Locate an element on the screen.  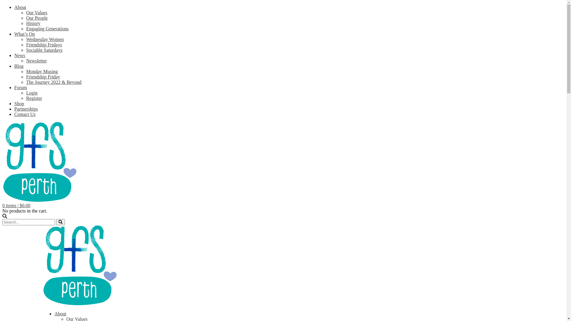
'Blog' is located at coordinates (14, 66).